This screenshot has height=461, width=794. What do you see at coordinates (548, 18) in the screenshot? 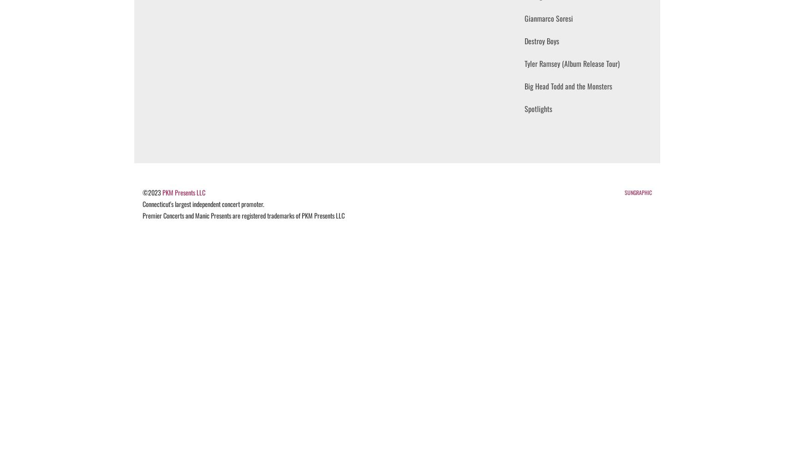
I see `'Gianmarco Soresi'` at bounding box center [548, 18].